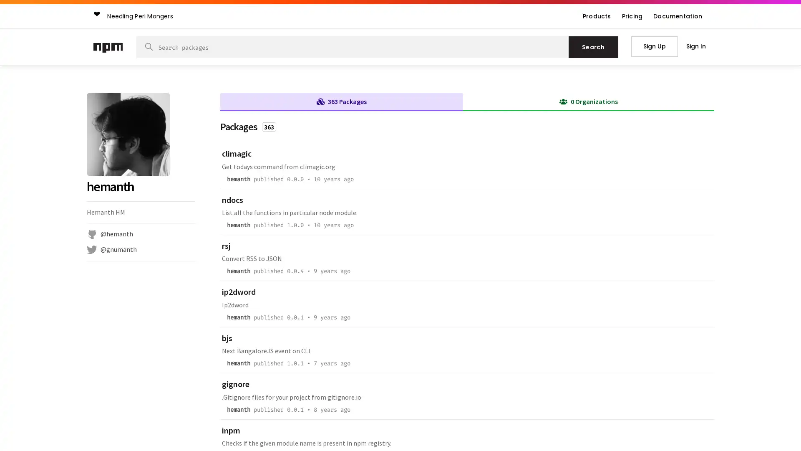 Image resolution: width=801 pixels, height=451 pixels. Describe the element at coordinates (592, 47) in the screenshot. I see `Search` at that location.